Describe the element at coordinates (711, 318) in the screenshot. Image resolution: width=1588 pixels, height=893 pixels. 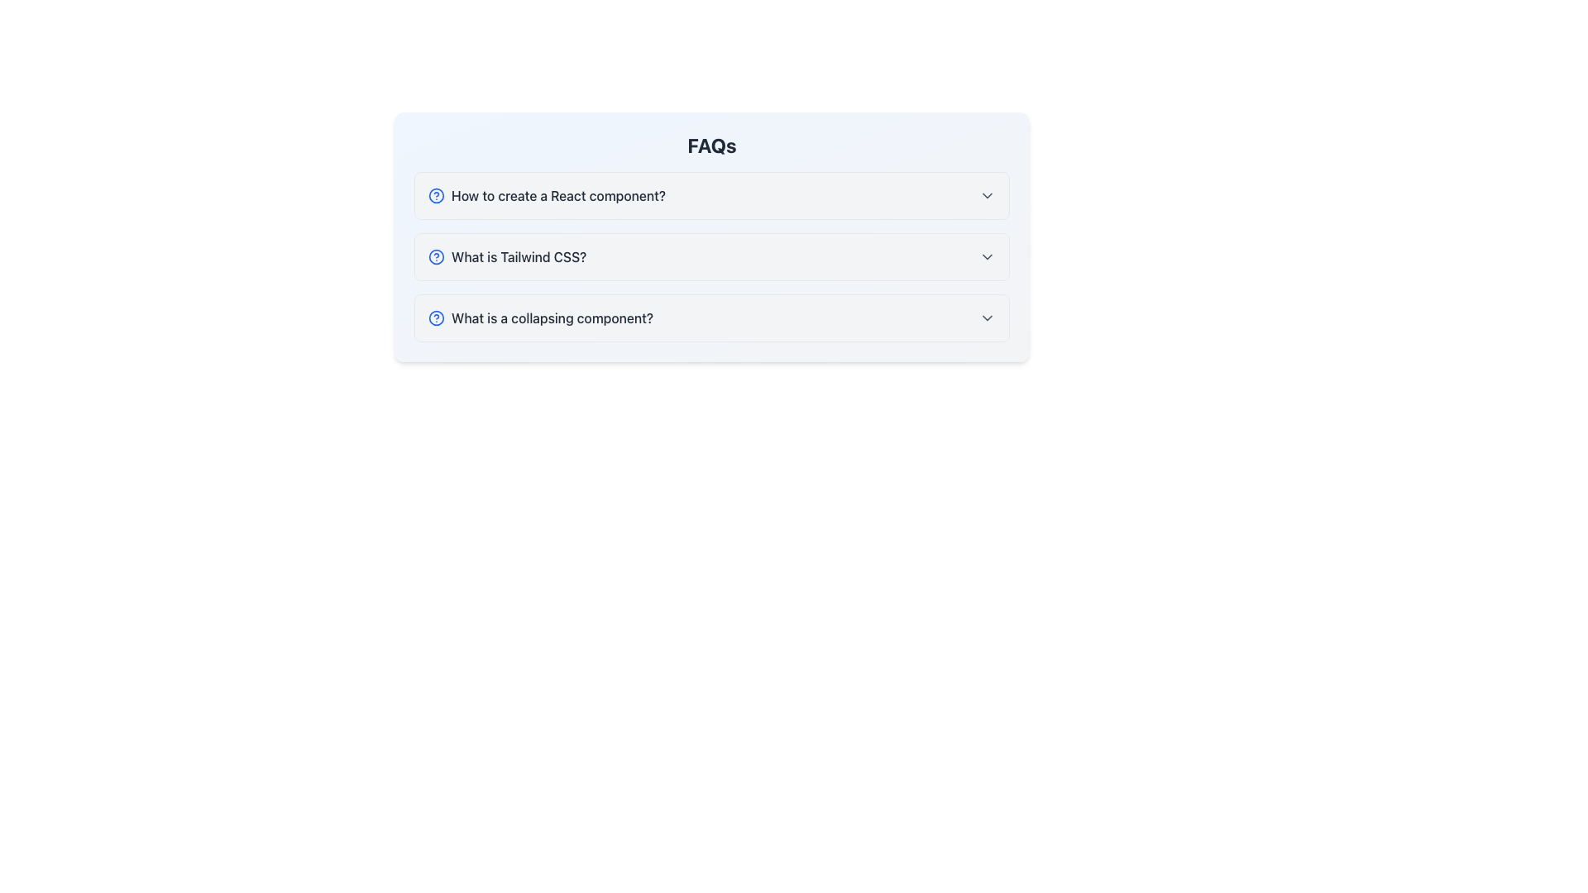
I see `the Collapsible FAQ item labeled 'What is a collapsing component?' to interact with the keyboard` at that location.